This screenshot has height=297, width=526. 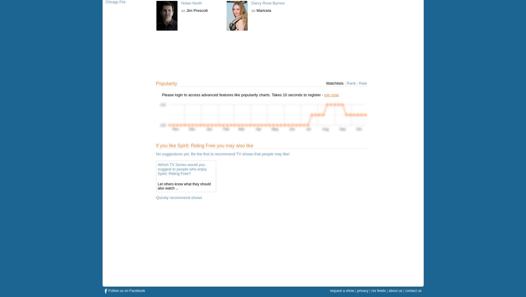 What do you see at coordinates (134, 290) in the screenshot?
I see `'on Facebook'` at bounding box center [134, 290].